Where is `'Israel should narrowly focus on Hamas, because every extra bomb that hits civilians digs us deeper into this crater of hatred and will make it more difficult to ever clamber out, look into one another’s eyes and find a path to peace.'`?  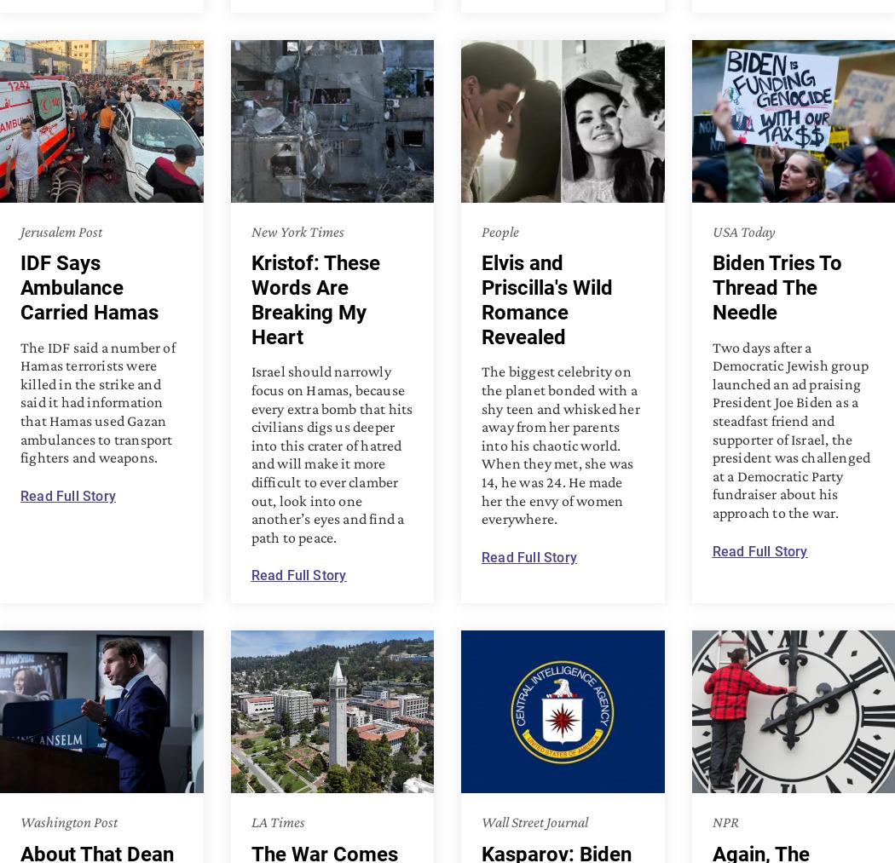 'Israel should narrowly focus on Hamas, because every extra bomb that hits civilians digs us deeper into this crater of hatred and will make it more difficult to ever clamber out, look into one another’s eyes and find a path to peace.' is located at coordinates (332, 454).